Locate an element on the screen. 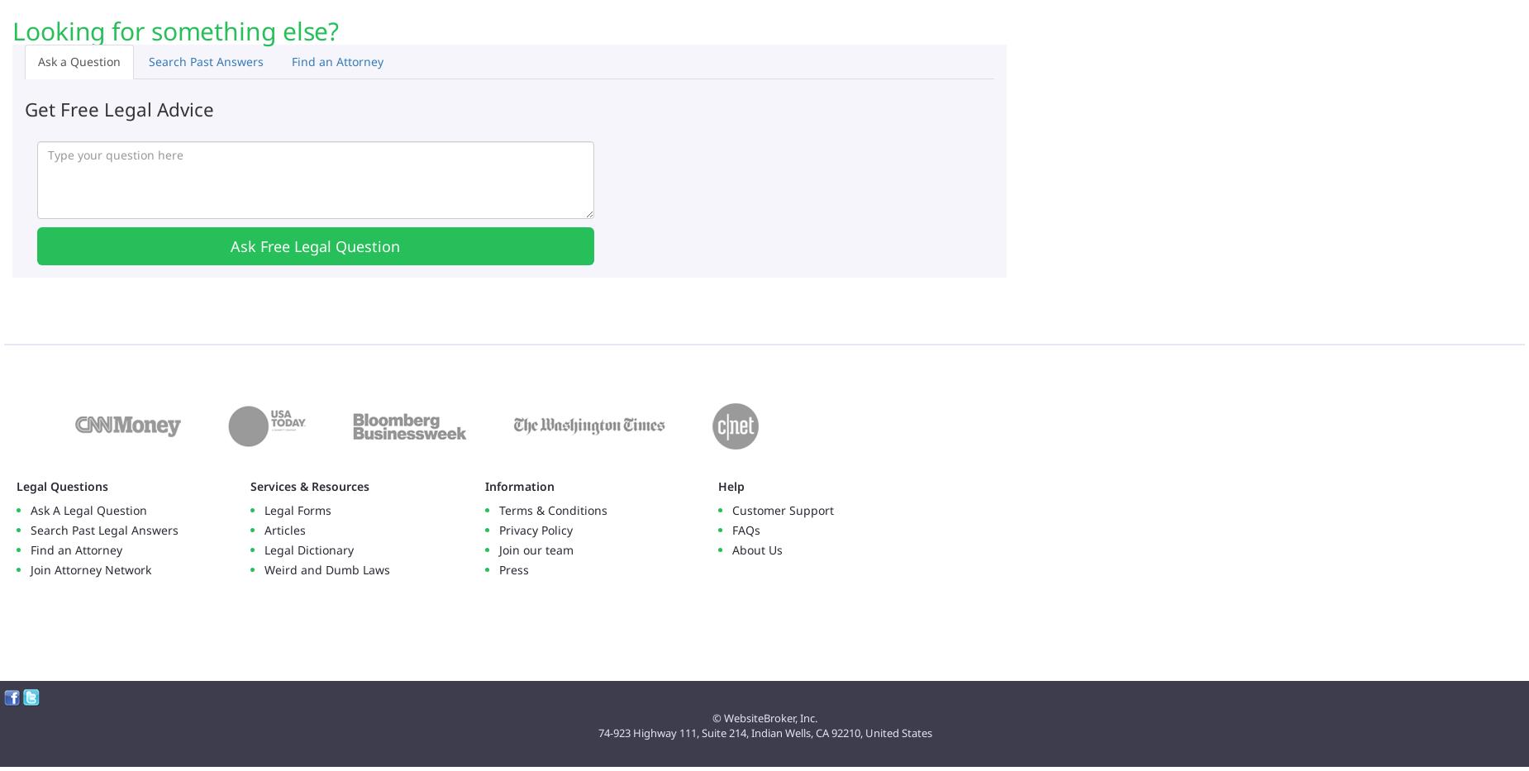 The width and height of the screenshot is (1529, 771). 'Services & Resources' is located at coordinates (308, 486).